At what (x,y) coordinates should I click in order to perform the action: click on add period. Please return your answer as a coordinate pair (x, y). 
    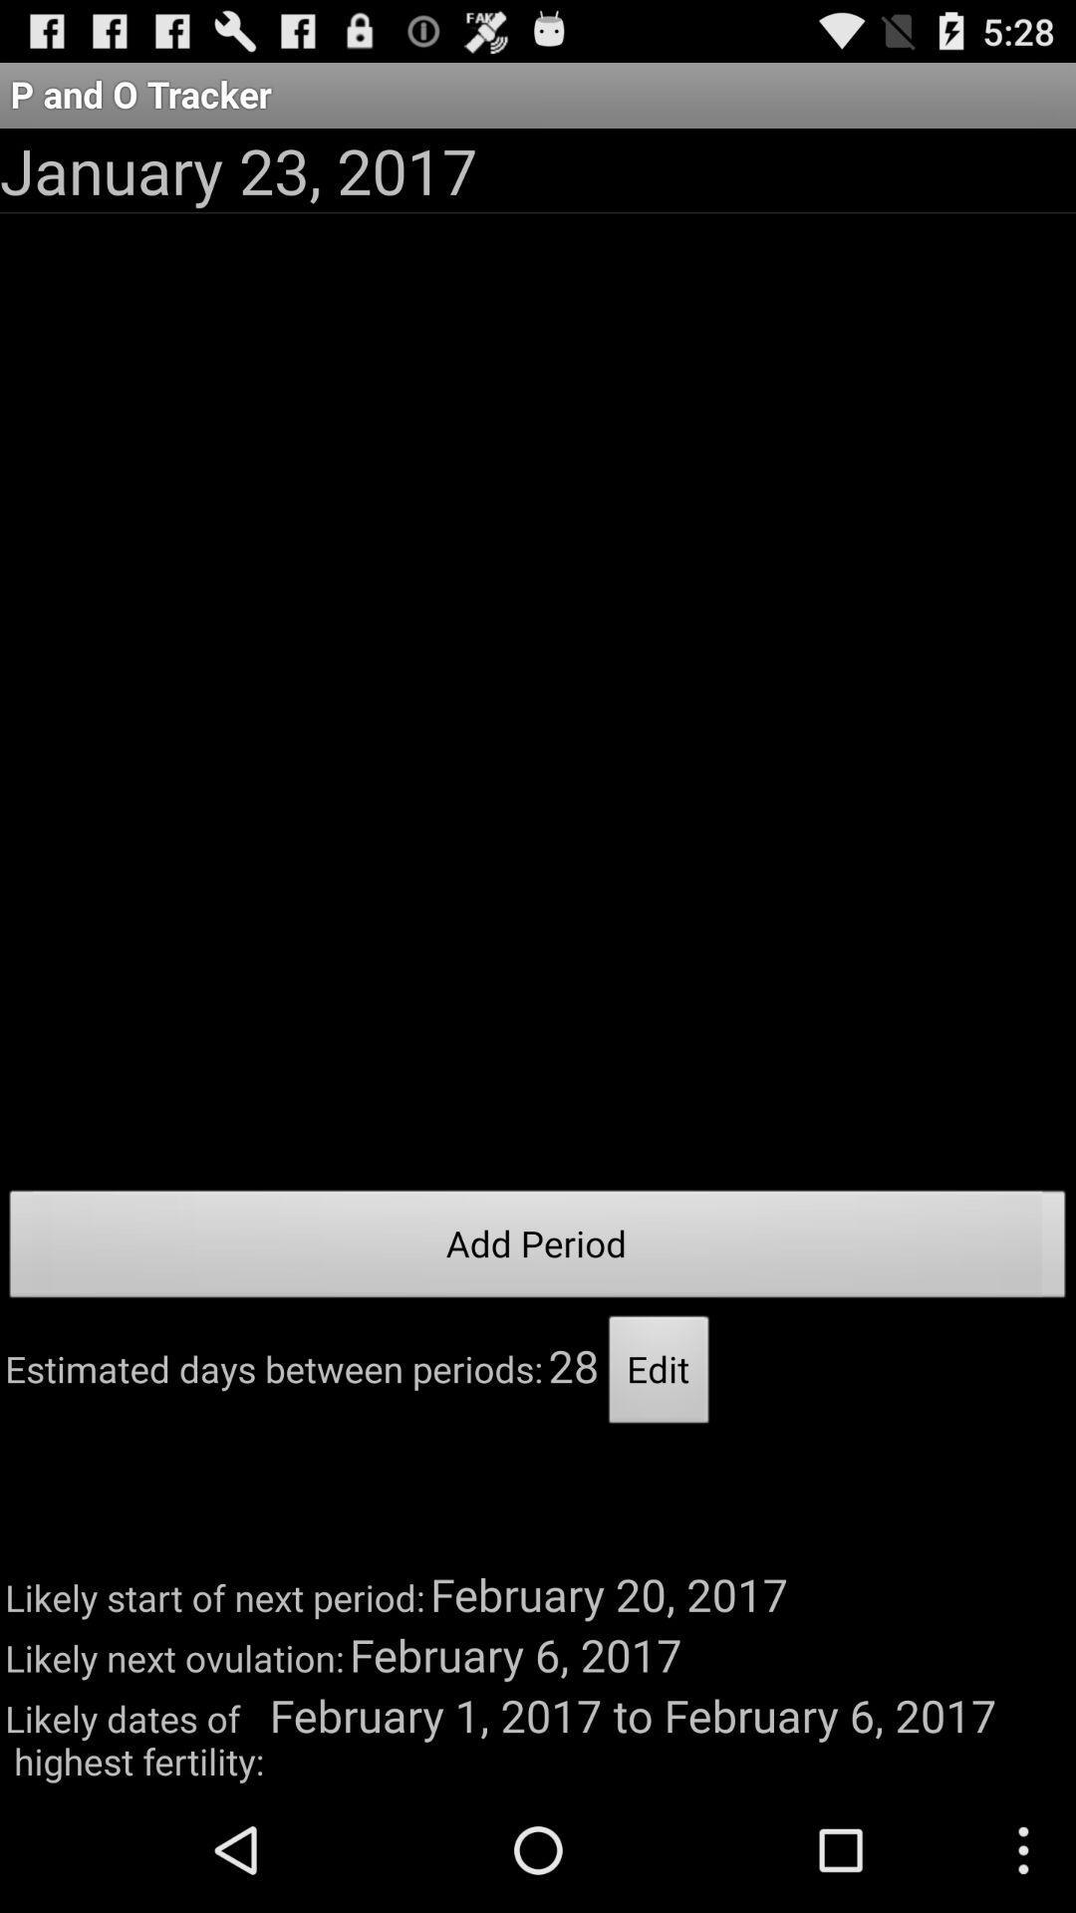
    Looking at the image, I should click on (538, 1248).